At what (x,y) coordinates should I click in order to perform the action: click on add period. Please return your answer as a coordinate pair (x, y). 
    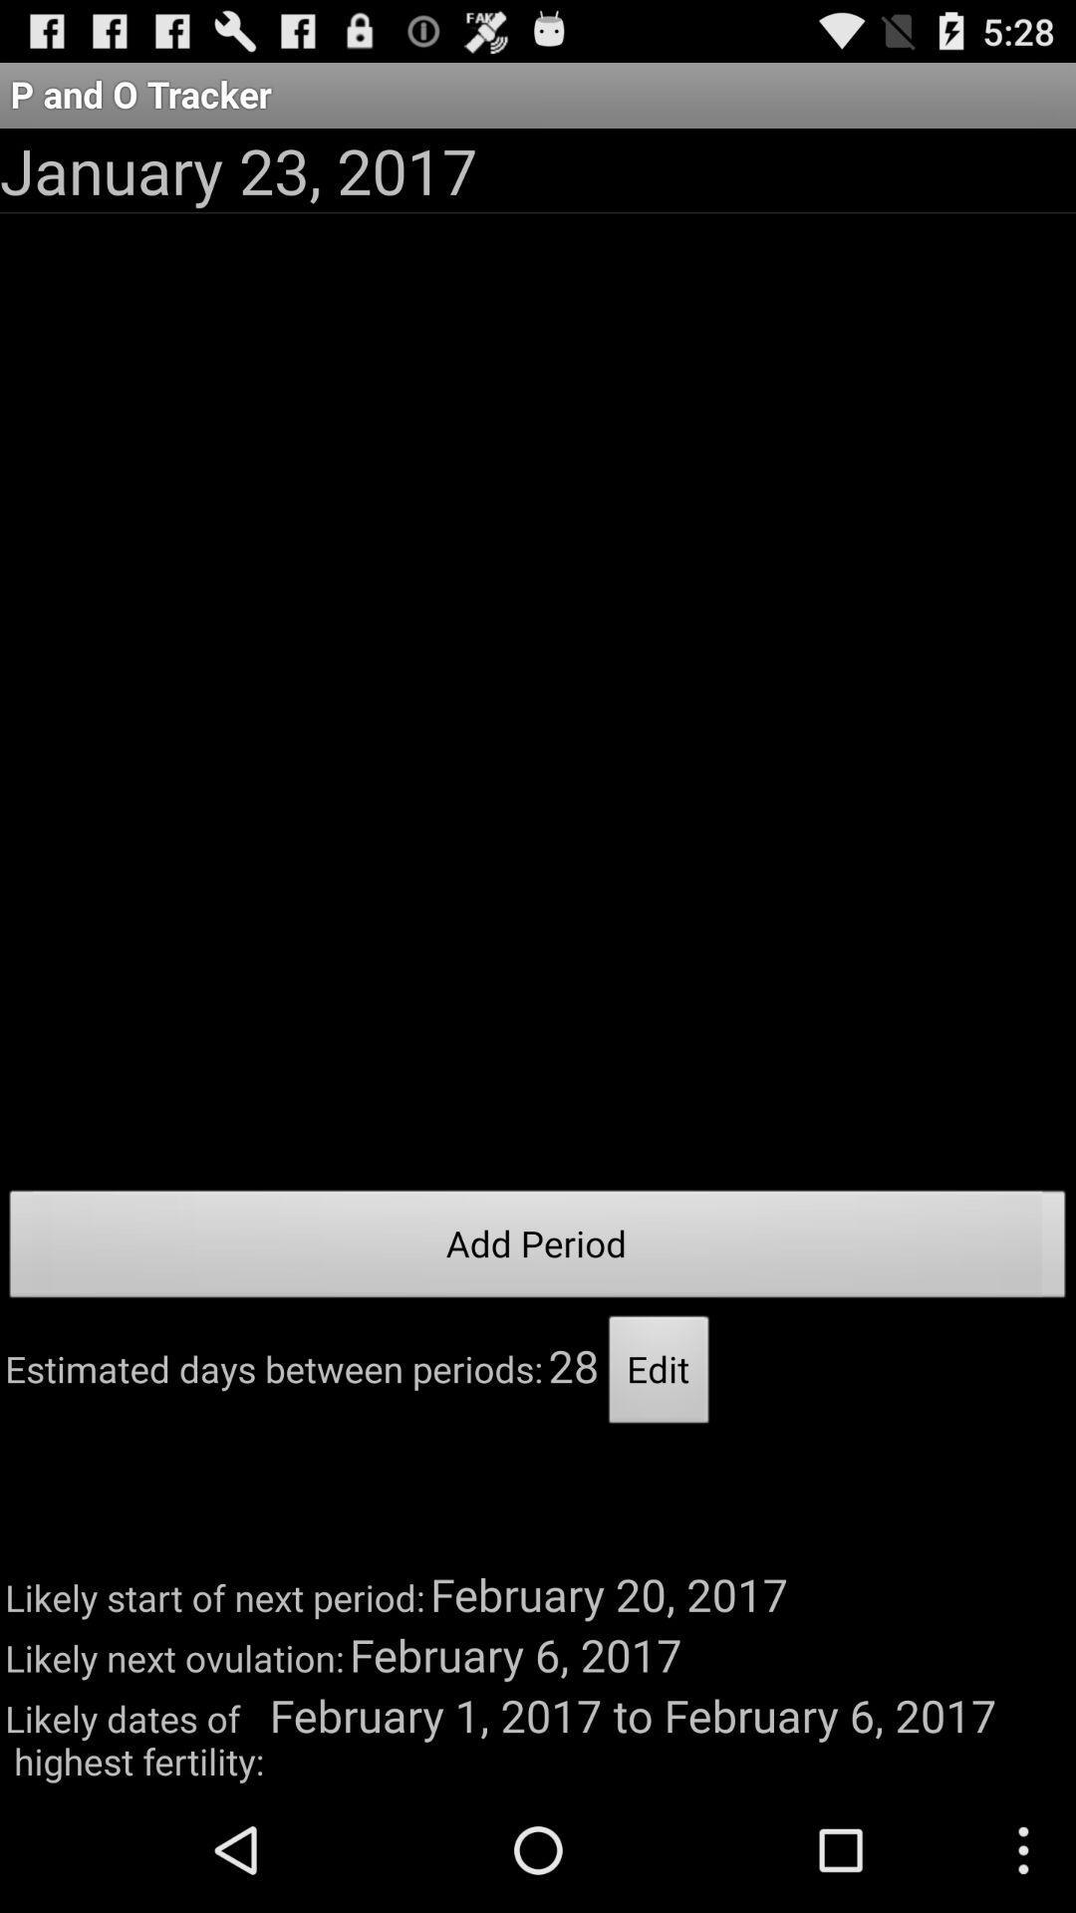
    Looking at the image, I should click on (538, 1248).